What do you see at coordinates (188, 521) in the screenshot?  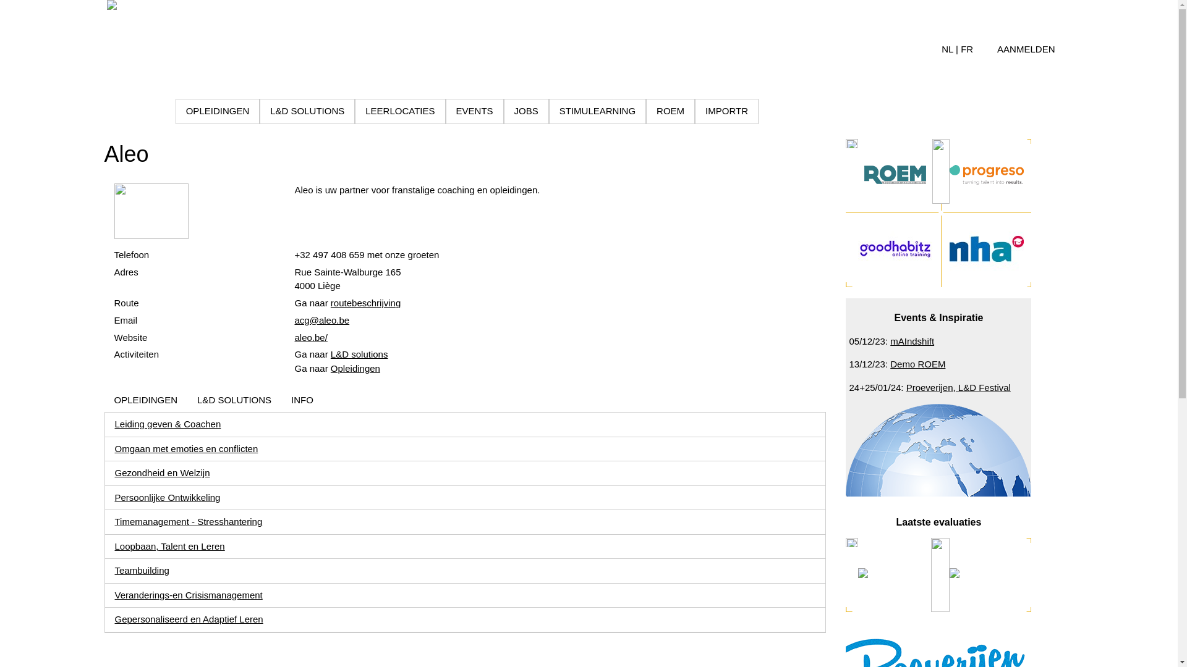 I see `'Timemanagement - Stresshantering'` at bounding box center [188, 521].